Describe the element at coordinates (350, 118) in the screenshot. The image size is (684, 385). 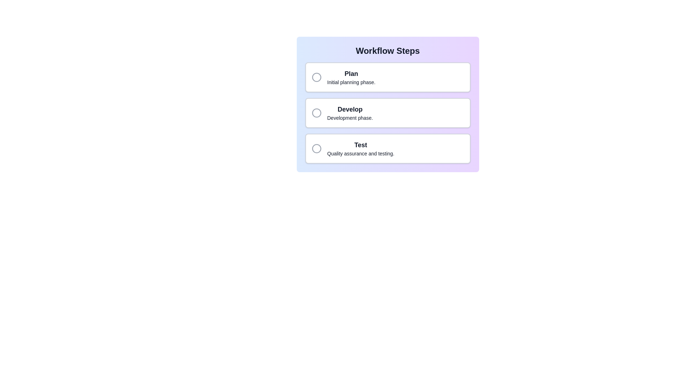
I see `text content of the label displaying 'Development phase.' located below the 'Develop' label in the second option of the vertical workflow list` at that location.